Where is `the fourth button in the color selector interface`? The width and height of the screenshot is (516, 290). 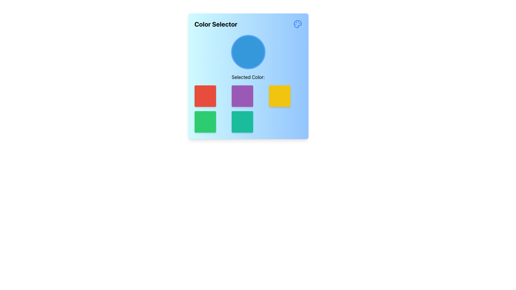 the fourth button in the color selector interface is located at coordinates (279, 96).